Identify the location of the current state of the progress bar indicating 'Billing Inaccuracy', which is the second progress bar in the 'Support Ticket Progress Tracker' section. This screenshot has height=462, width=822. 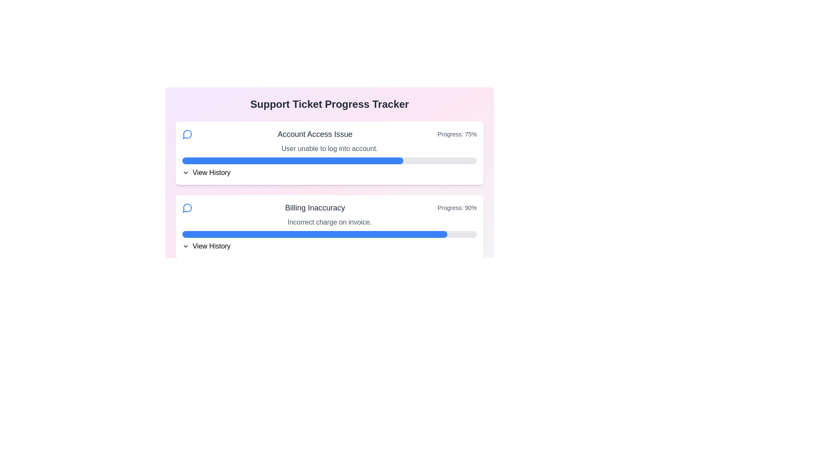
(329, 234).